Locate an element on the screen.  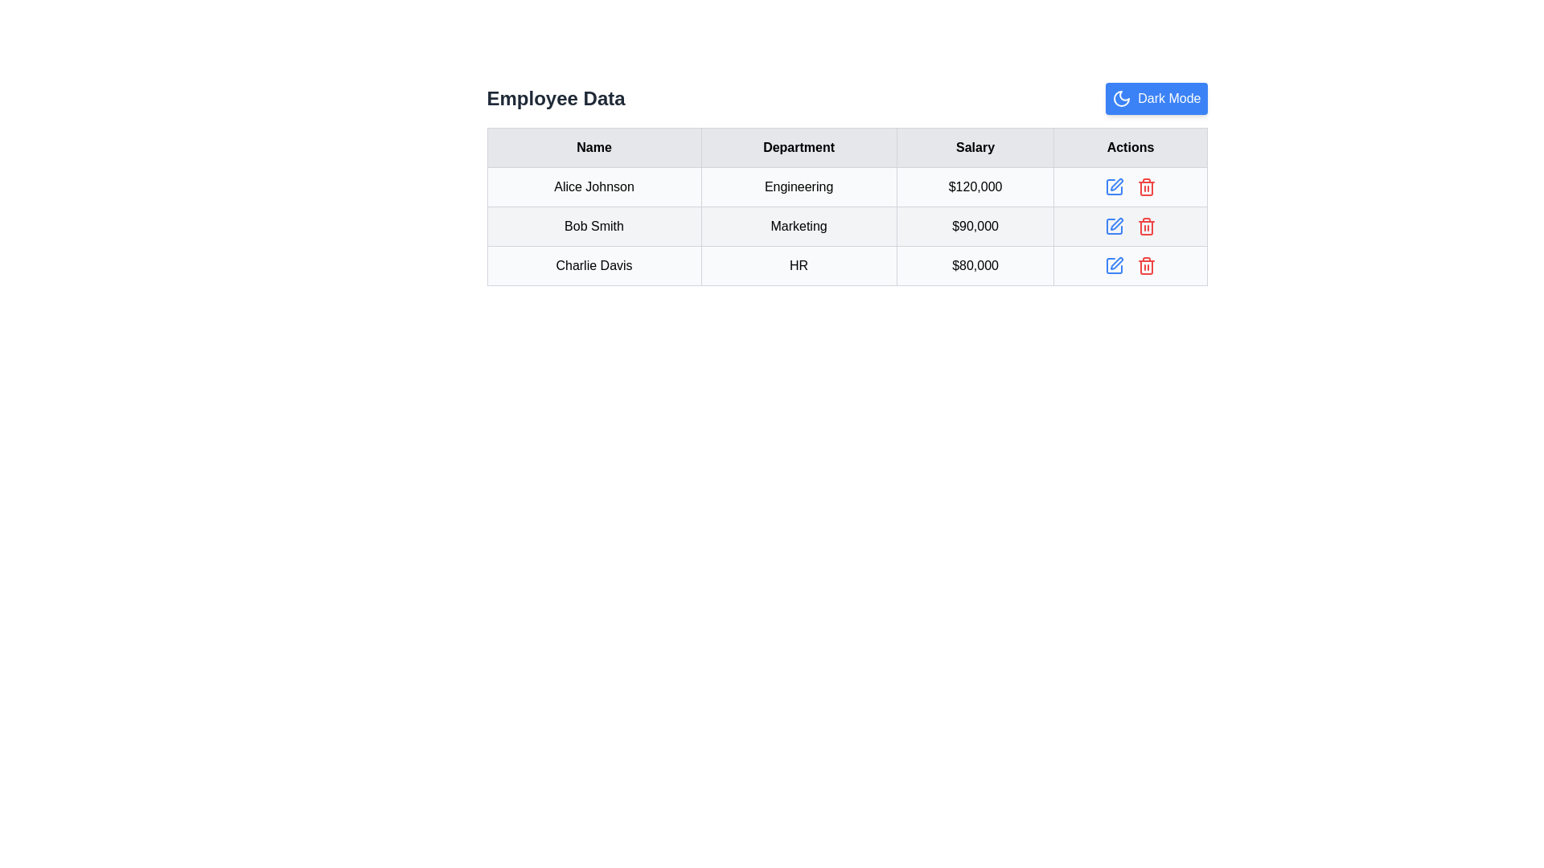
the edit icon in the actionable area of the last column of the last row in the table to initiate editing is located at coordinates (1130, 265).